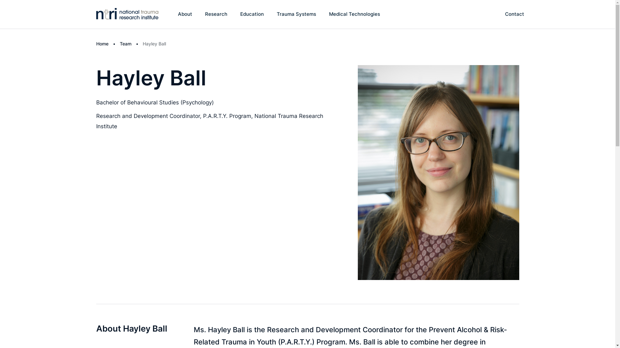 Image resolution: width=620 pixels, height=348 pixels. Describe the element at coordinates (240, 14) in the screenshot. I see `'Education'` at that location.